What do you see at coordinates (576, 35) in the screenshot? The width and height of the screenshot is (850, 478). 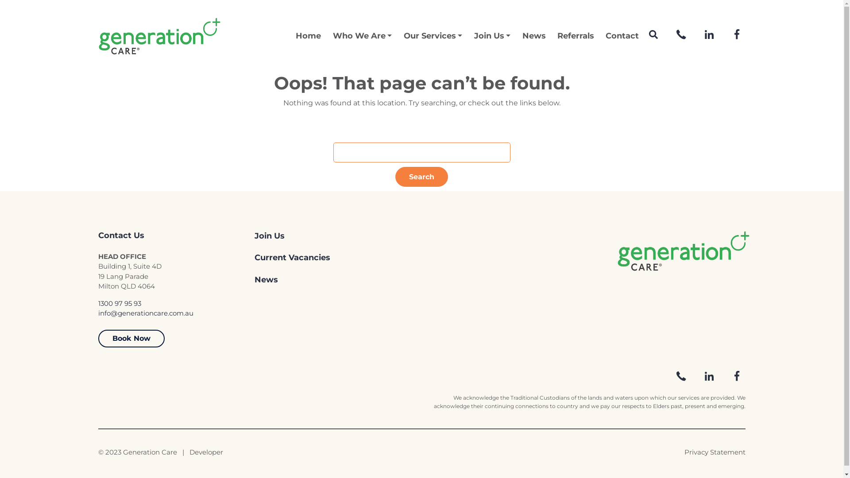 I see `'Referrals'` at bounding box center [576, 35].